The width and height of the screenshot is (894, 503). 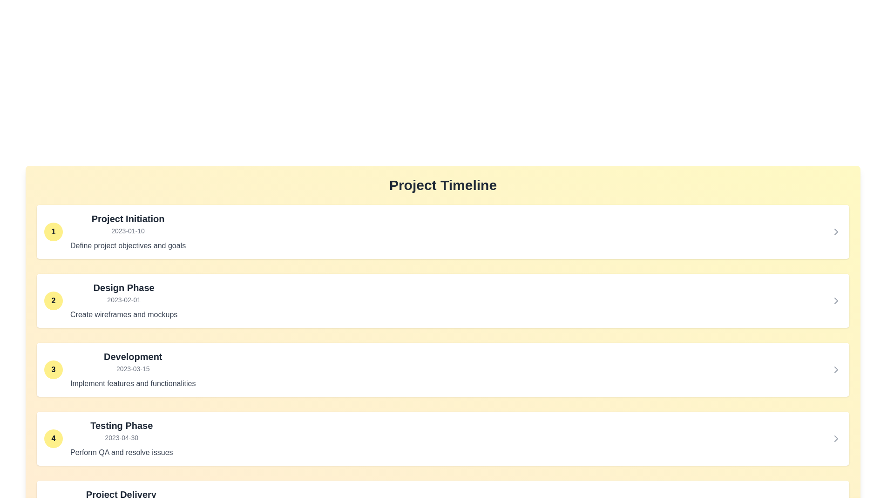 I want to click on the text label that reads 'Create wireframes and mockups', which is styled in medium-dark gray and positioned below the date '2023-02-01' and the title 'Design Phase' in the project timeline interface, so click(x=123, y=314).